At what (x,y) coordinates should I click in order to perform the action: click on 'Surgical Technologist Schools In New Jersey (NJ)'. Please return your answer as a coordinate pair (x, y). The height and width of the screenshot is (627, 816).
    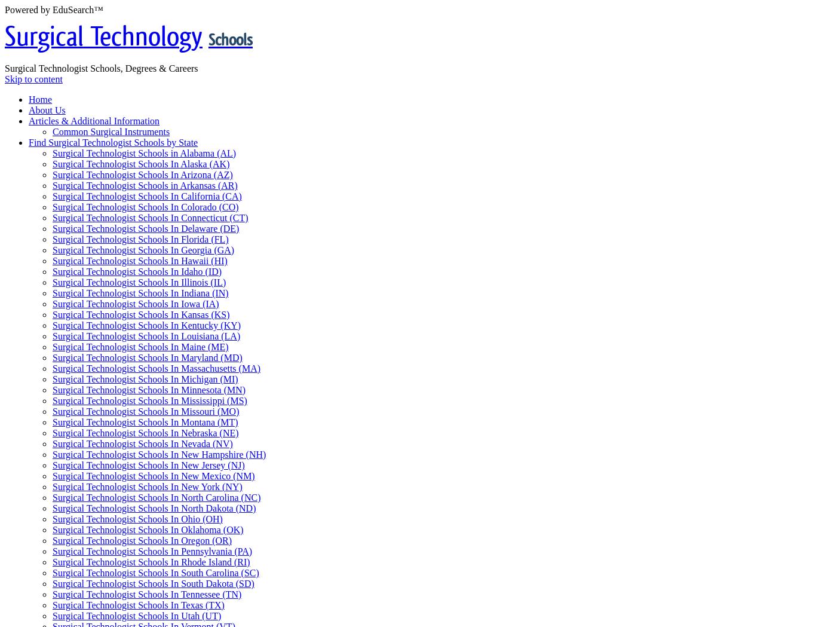
    Looking at the image, I should click on (52, 464).